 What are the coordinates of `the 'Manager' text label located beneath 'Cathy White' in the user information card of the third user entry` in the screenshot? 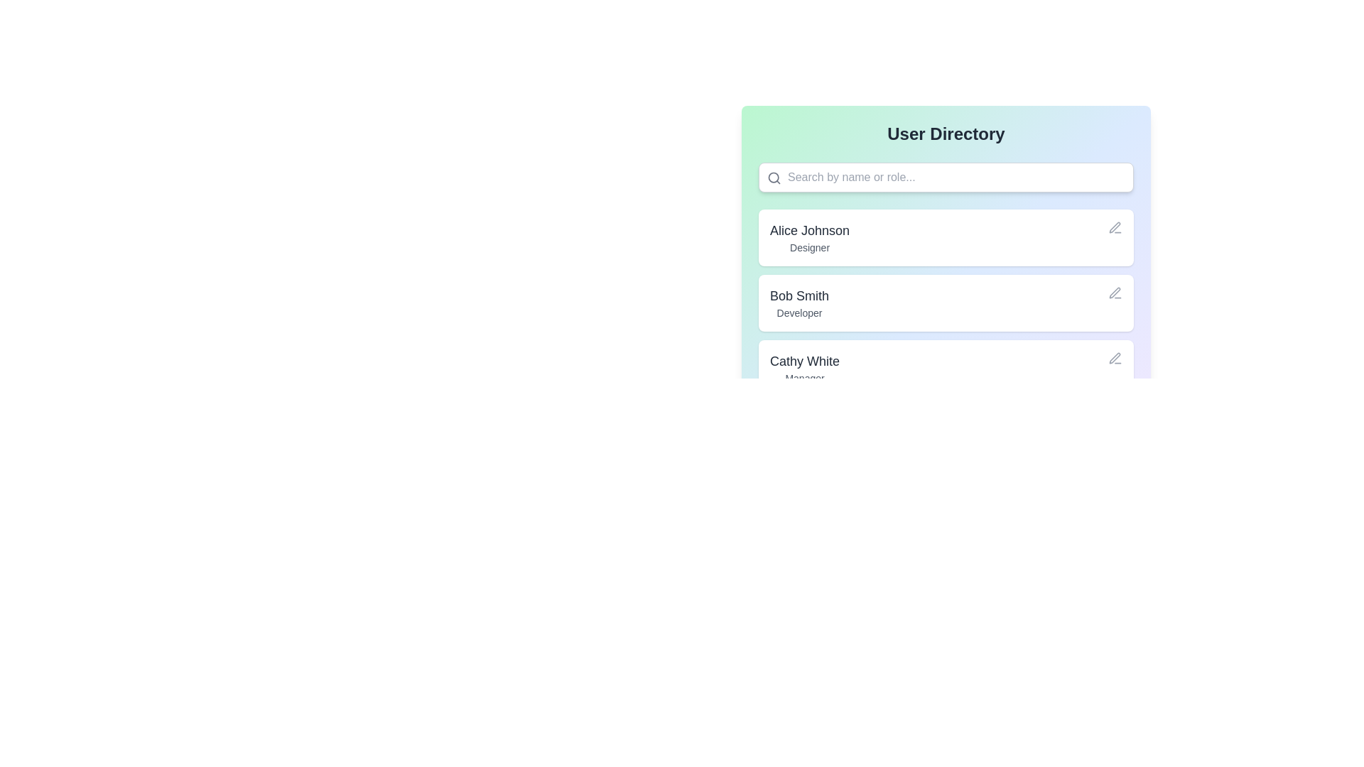 It's located at (804, 377).